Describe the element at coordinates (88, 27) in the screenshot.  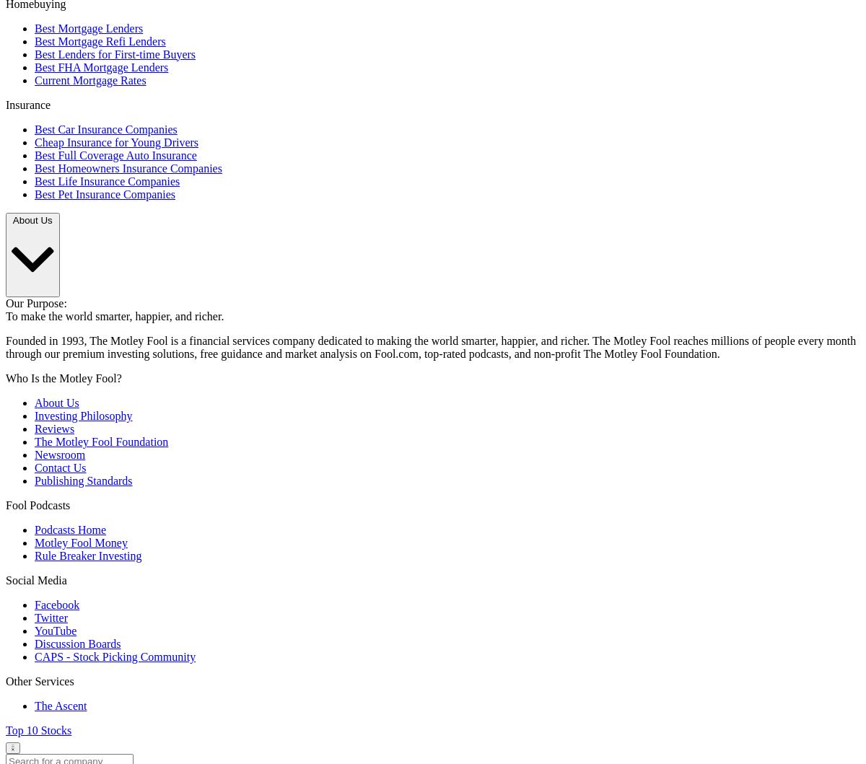
I see `'Best Mortgage Lenders'` at that location.